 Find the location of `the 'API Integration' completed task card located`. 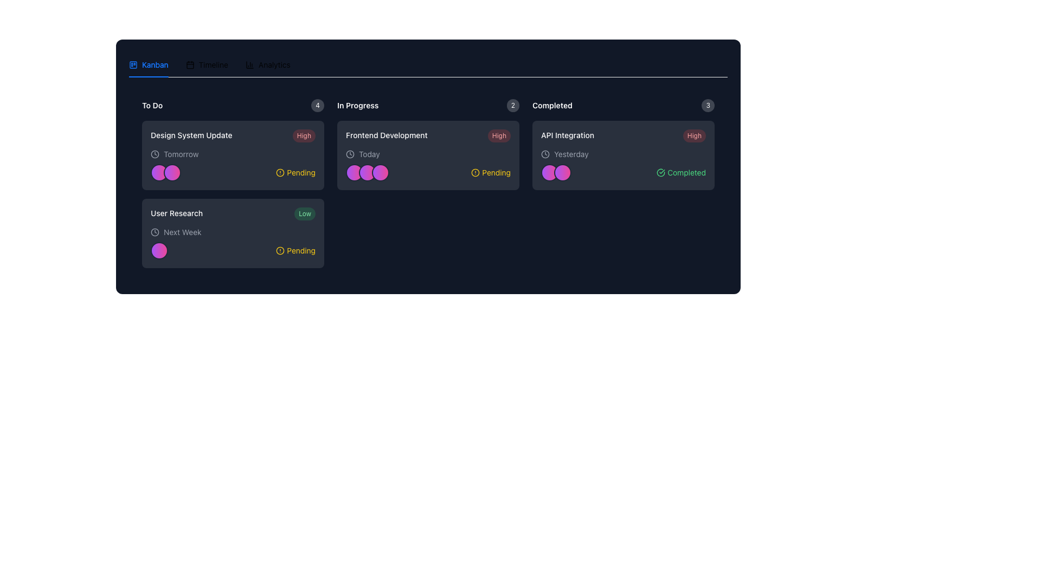

the 'API Integration' completed task card located is located at coordinates (624, 155).